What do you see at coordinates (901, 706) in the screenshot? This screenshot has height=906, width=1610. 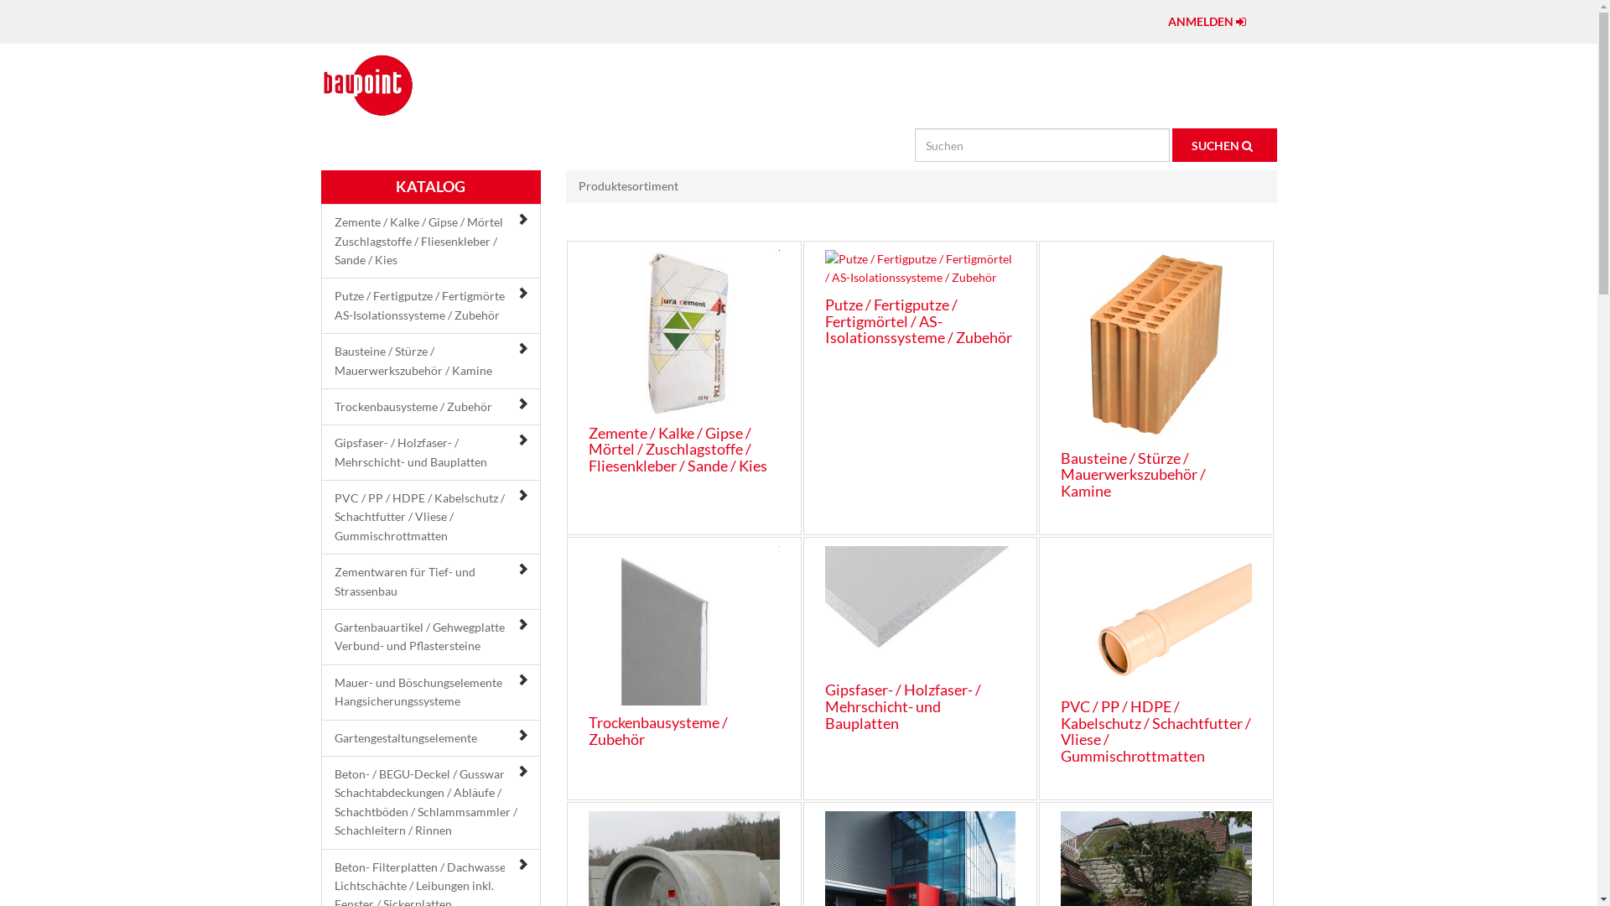 I see `'Gipsfaser- / Holzfaser- / Mehrschicht- und Bauplatten'` at bounding box center [901, 706].